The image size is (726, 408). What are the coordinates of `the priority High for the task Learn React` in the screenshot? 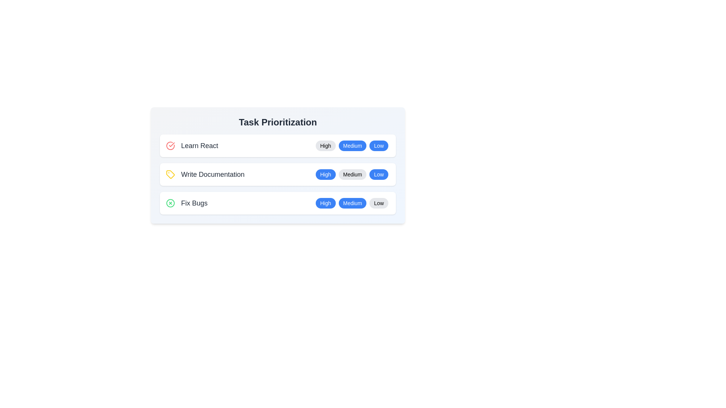 It's located at (325, 145).